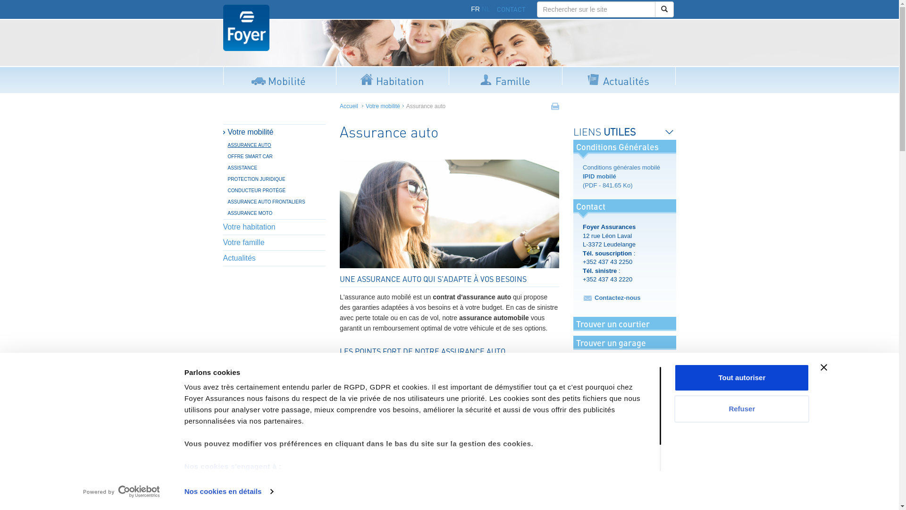 This screenshot has height=510, width=906. I want to click on 'CONTACT', so click(511, 9).